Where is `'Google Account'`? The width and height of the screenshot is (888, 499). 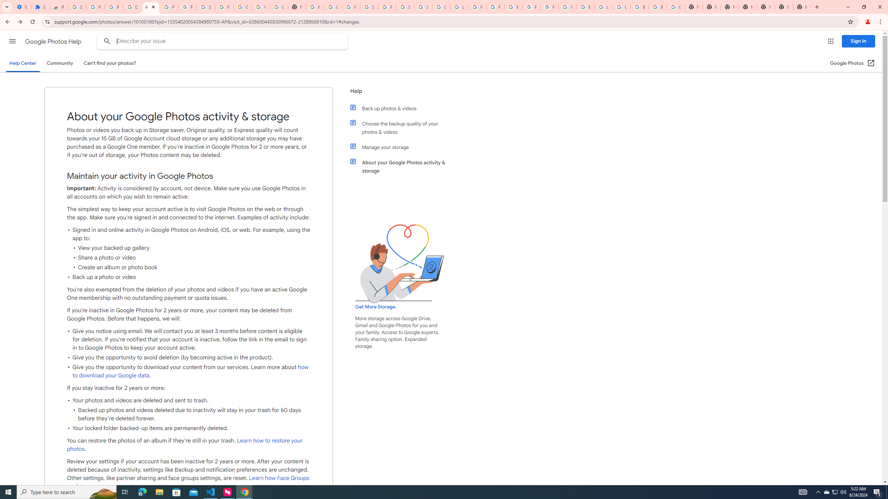 'Google Account' is located at coordinates (242, 7).